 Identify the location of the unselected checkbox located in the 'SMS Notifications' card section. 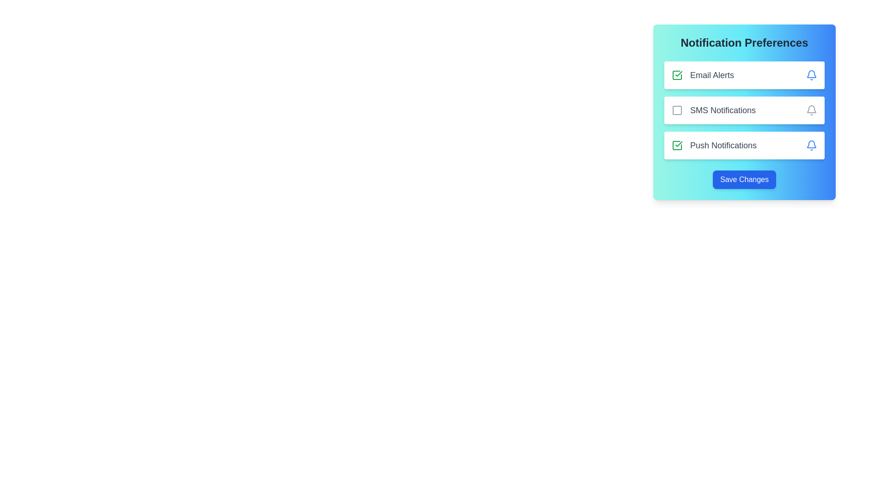
(677, 110).